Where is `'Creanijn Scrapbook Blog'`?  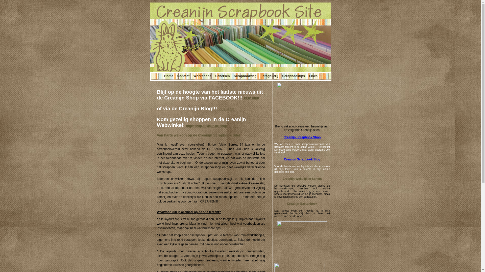 'Creanijn Scrapbook Blog' is located at coordinates (302, 159).